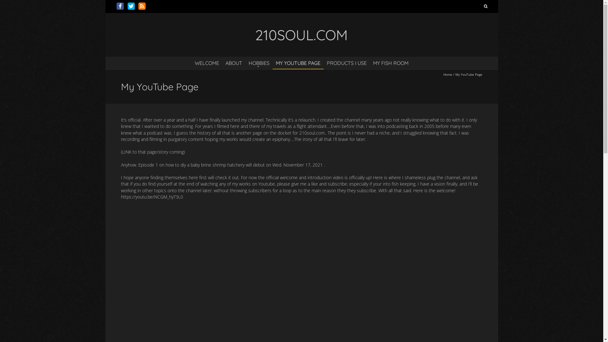 This screenshot has width=608, height=342. Describe the element at coordinates (447, 74) in the screenshot. I see `'Home'` at that location.